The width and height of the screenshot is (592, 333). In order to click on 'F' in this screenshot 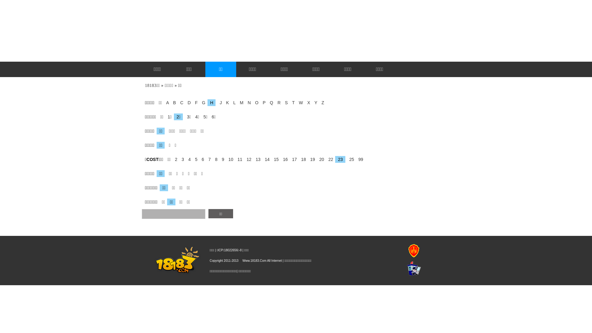, I will do `click(194, 102)`.